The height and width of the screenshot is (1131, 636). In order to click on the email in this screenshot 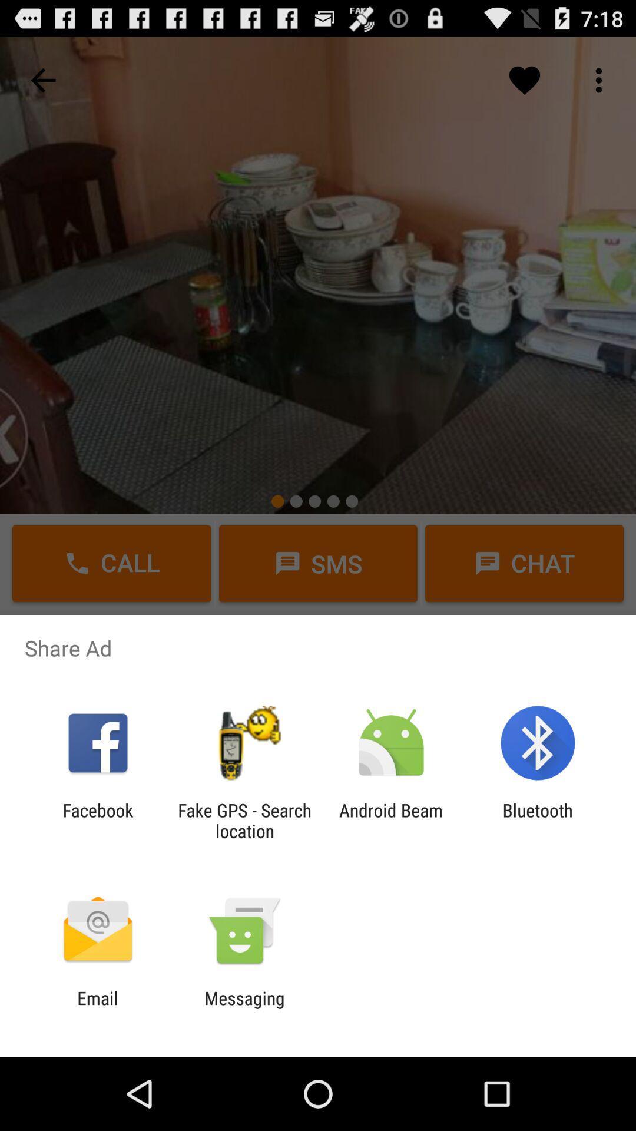, I will do `click(97, 1008)`.